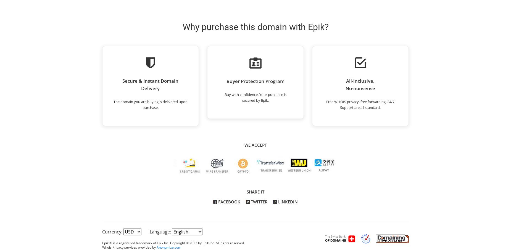 Image resolution: width=511 pixels, height=250 pixels. I want to click on 'Buyer Protection Program', so click(226, 81).